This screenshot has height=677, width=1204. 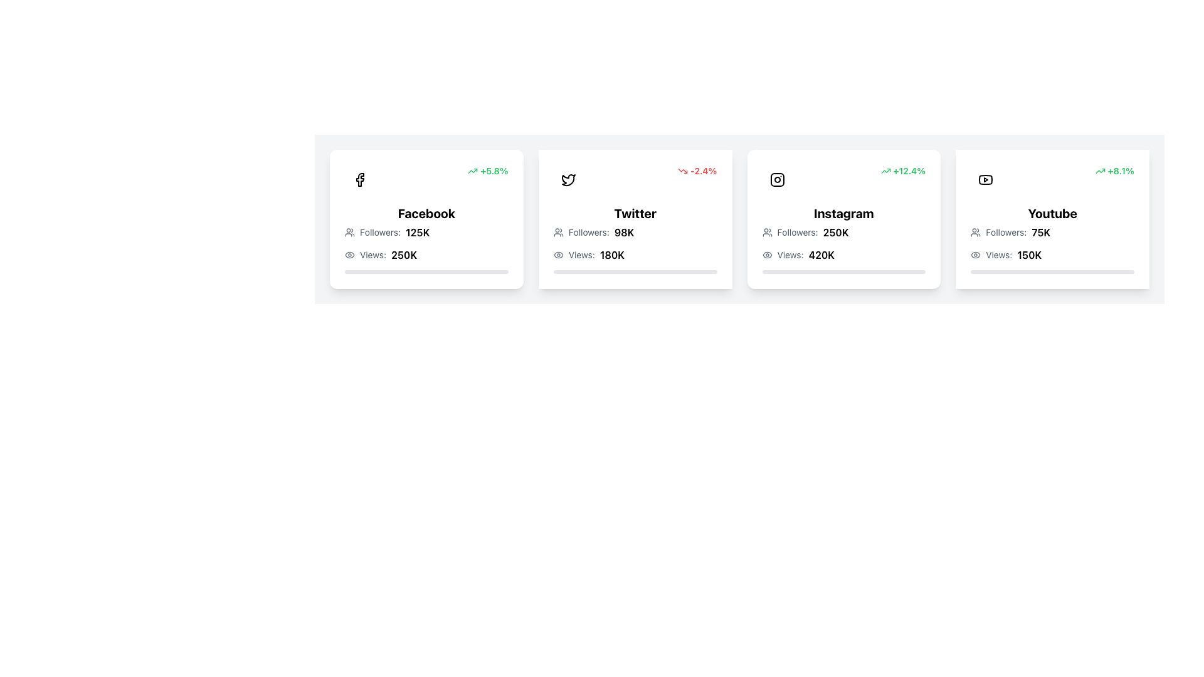 What do you see at coordinates (359, 179) in the screenshot?
I see `the small Facebook icon with a distinctive 'f' shape, located above the label 'Facebook' within the first card in the top-left corner of the card representing Facebook statistics` at bounding box center [359, 179].